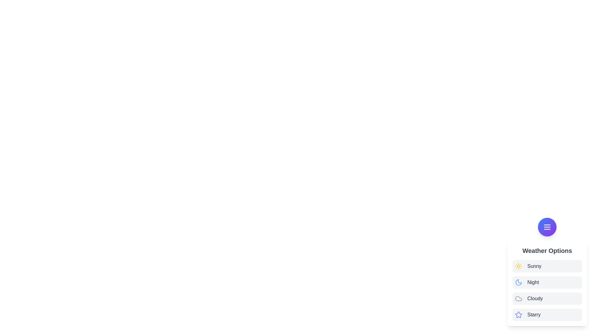  I want to click on the weather option labeled Starry, so click(534, 315).